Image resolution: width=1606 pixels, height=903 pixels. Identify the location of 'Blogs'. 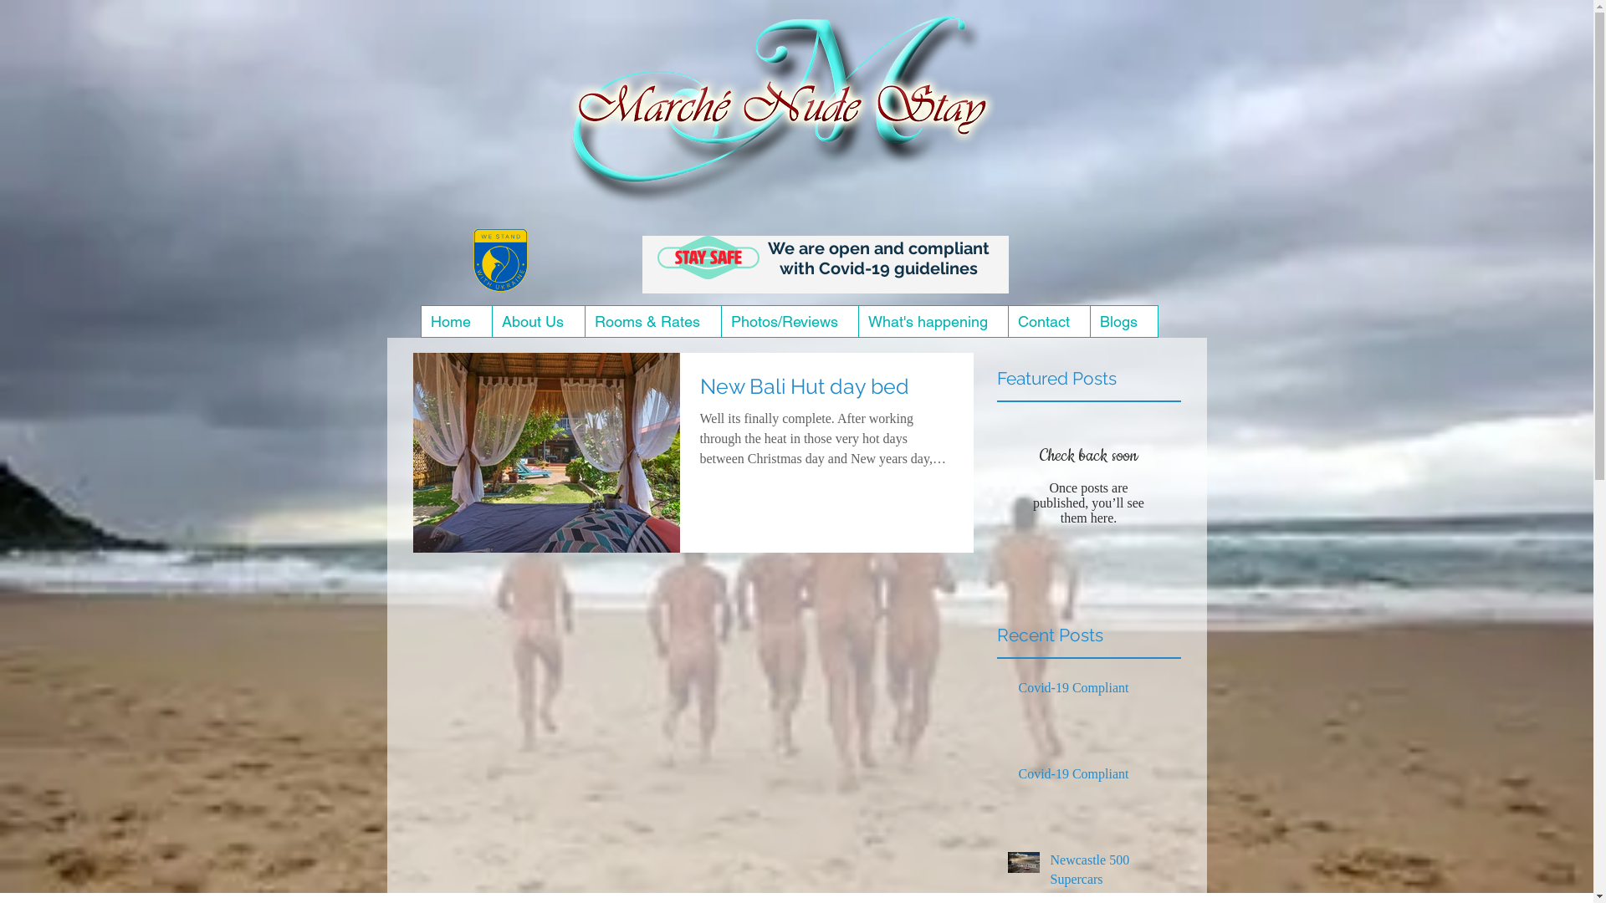
(1123, 321).